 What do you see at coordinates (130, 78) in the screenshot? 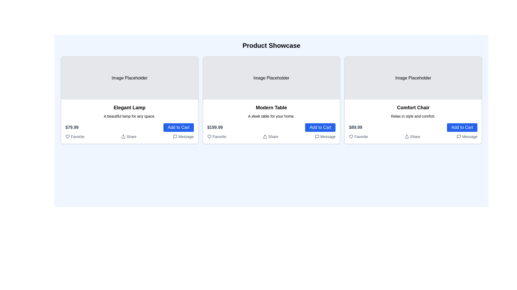
I see `the placeholder label for an image located at the center of the top section of the first card in a horizontal row of cards` at bounding box center [130, 78].